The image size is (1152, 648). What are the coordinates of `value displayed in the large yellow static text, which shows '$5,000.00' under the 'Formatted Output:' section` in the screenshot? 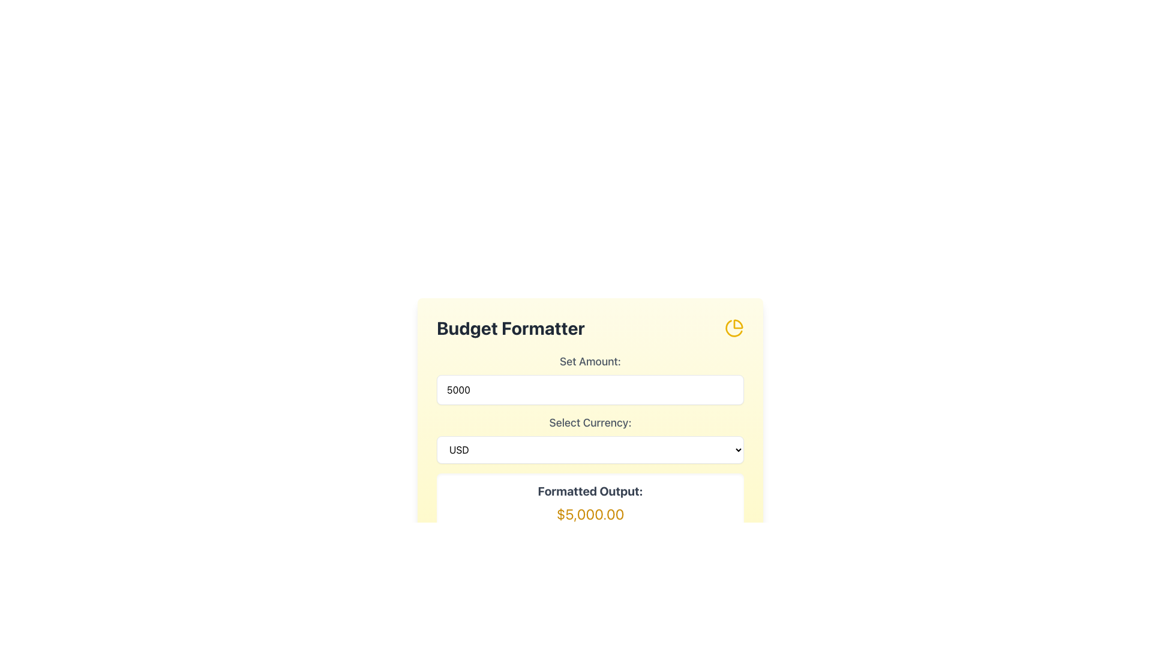 It's located at (590, 513).